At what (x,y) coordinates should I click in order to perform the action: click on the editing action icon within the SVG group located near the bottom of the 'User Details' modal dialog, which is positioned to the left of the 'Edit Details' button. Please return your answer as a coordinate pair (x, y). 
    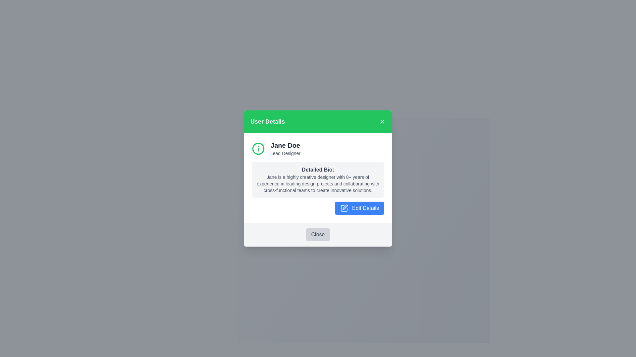
    Looking at the image, I should click on (344, 207).